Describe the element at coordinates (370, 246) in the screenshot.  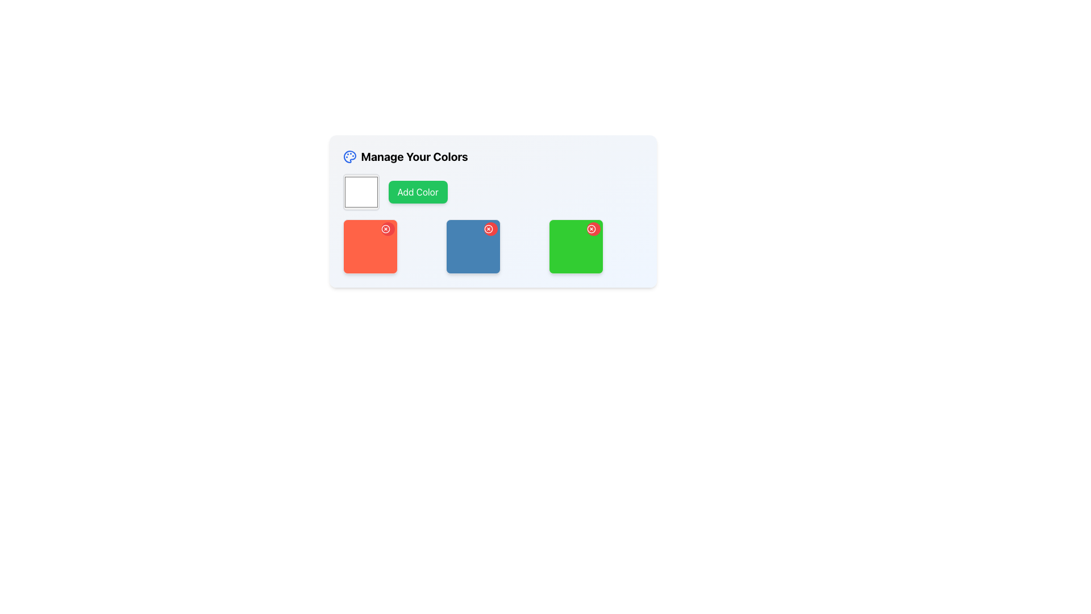
I see `the Color Block with Interactive Button, which is a rounded rectangle with a red background and a white border, located in the bottom section of the Manage Your Colors interface` at that location.